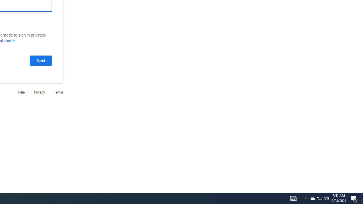 The height and width of the screenshot is (204, 363). I want to click on 'Next', so click(41, 60).